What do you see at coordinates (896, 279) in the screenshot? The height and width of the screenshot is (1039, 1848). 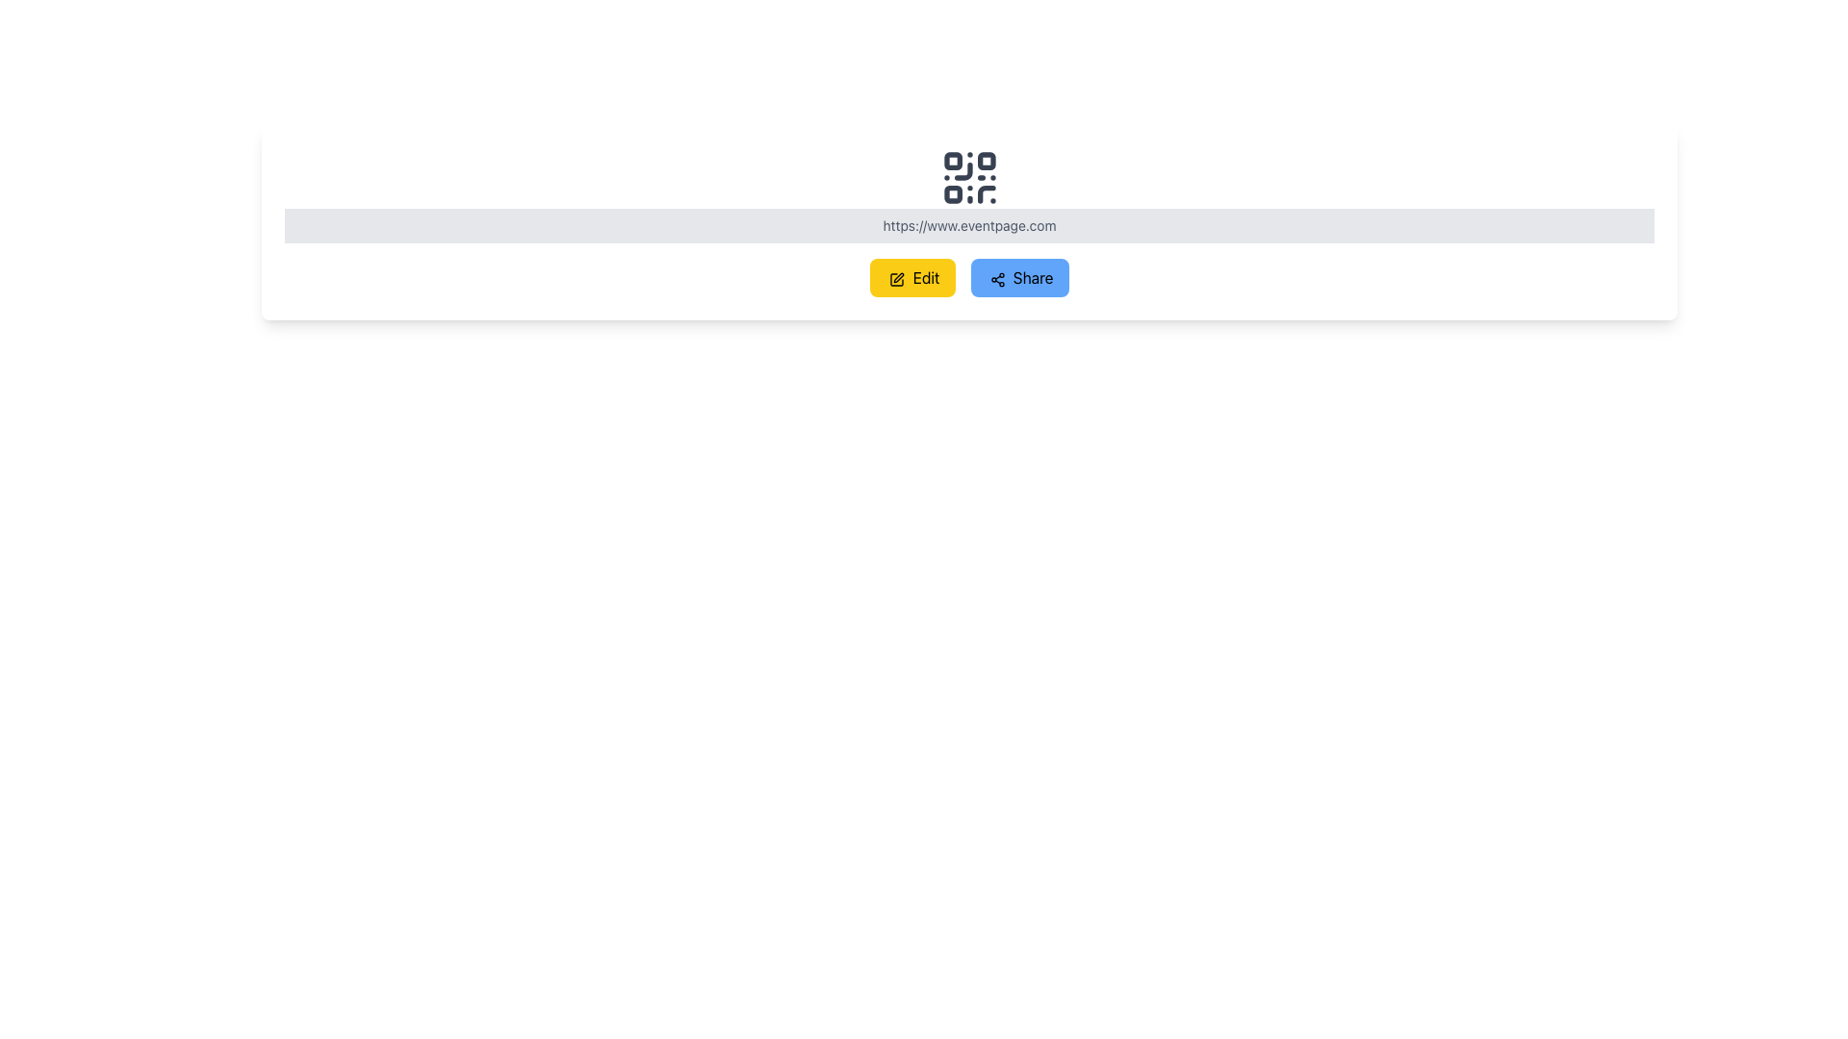 I see `the graphic icon component resembling a pen within the header section, located next to the QR code and URL display` at bounding box center [896, 279].